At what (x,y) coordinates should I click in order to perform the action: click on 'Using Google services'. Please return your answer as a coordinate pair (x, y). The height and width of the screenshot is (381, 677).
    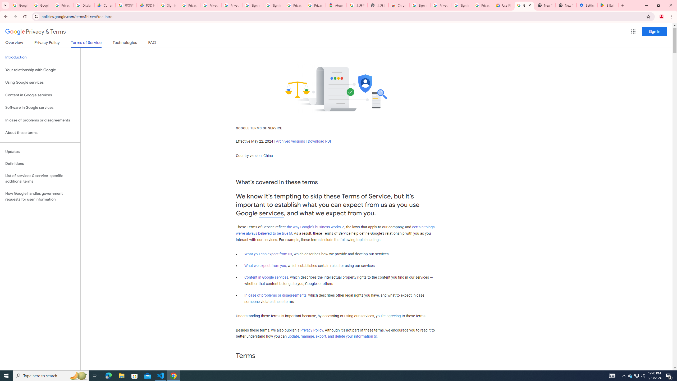
    Looking at the image, I should click on (40, 82).